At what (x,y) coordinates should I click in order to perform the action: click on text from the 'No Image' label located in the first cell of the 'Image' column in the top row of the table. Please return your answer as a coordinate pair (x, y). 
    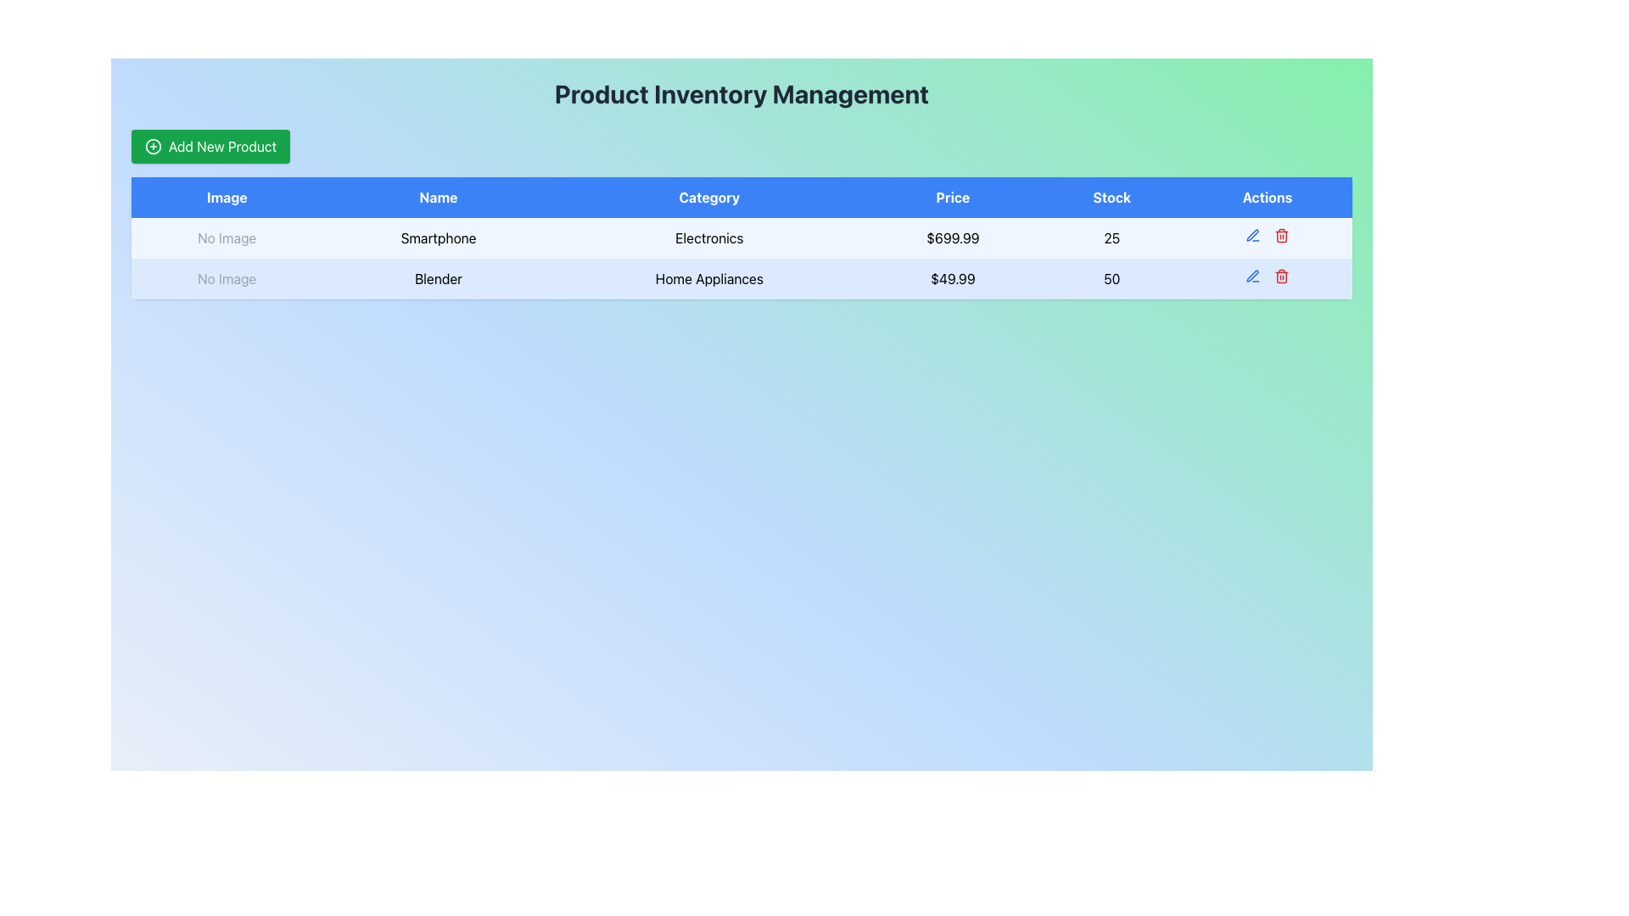
    Looking at the image, I should click on (226, 238).